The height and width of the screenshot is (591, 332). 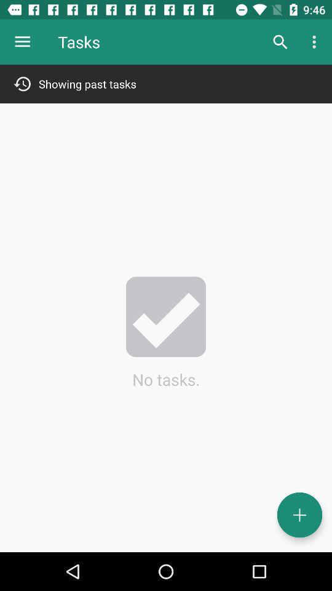 I want to click on the icon below the no tasks. icon, so click(x=299, y=515).